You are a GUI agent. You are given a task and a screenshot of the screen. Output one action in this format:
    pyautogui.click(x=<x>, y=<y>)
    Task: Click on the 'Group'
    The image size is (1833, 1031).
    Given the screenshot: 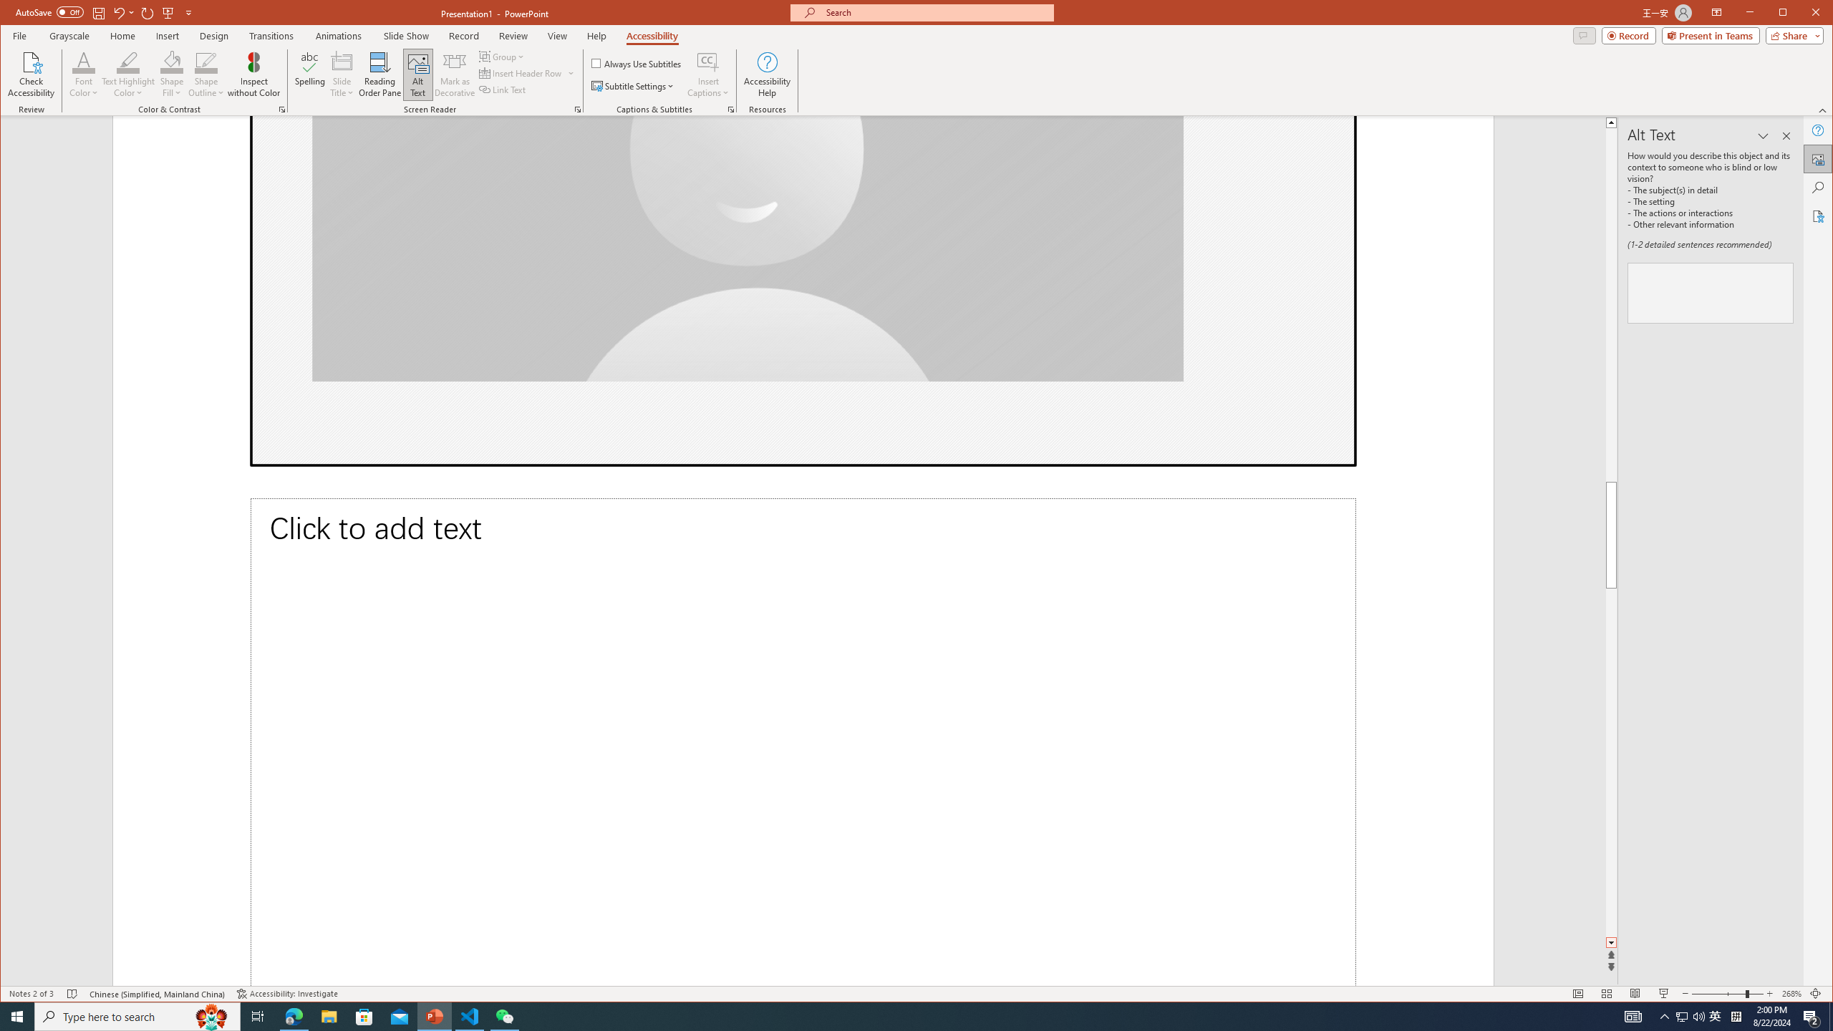 What is the action you would take?
    pyautogui.click(x=502, y=56)
    